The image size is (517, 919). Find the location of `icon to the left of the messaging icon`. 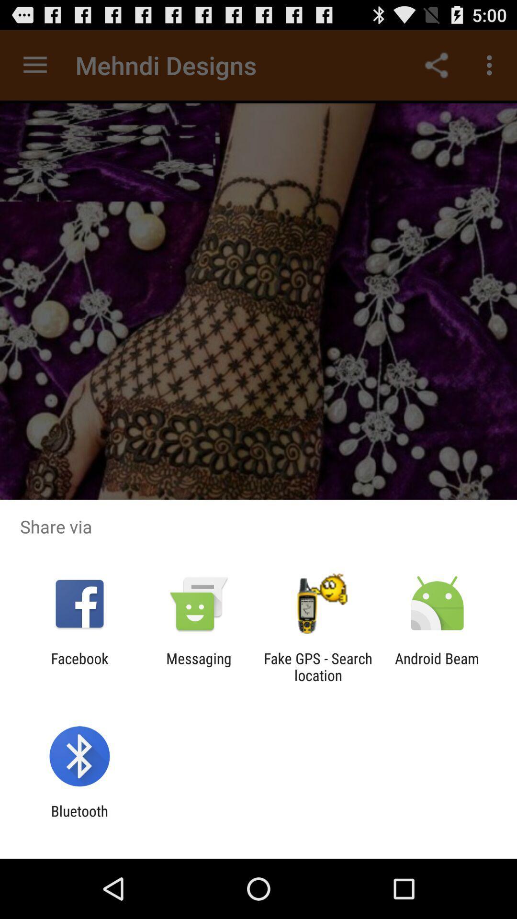

icon to the left of the messaging icon is located at coordinates (79, 666).